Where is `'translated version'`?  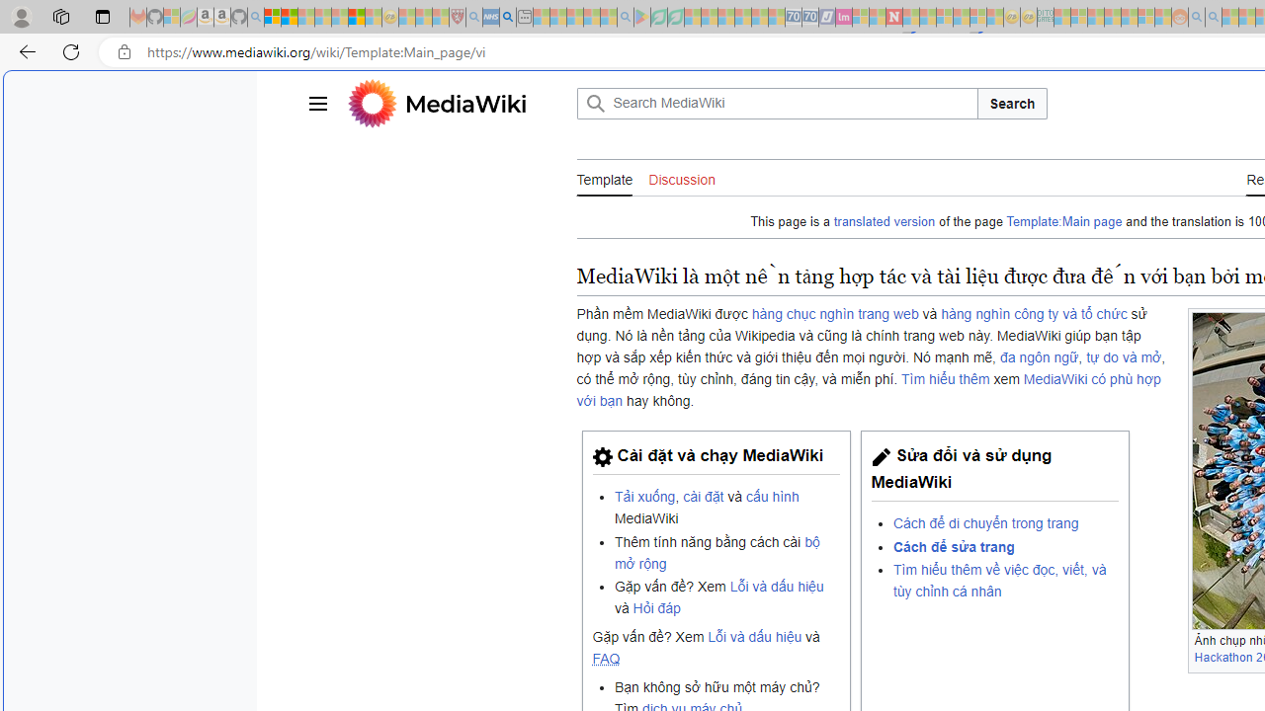
'translated version' is located at coordinates (884, 222).